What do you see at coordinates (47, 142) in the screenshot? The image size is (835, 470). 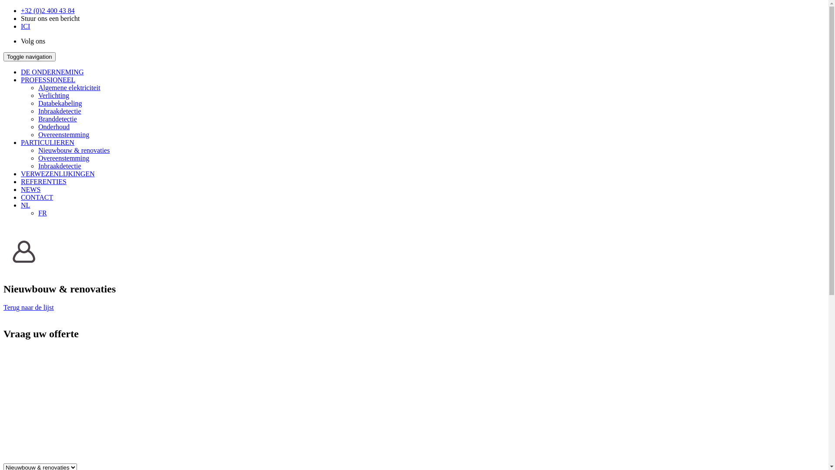 I see `'PARTICULIEREN'` at bounding box center [47, 142].